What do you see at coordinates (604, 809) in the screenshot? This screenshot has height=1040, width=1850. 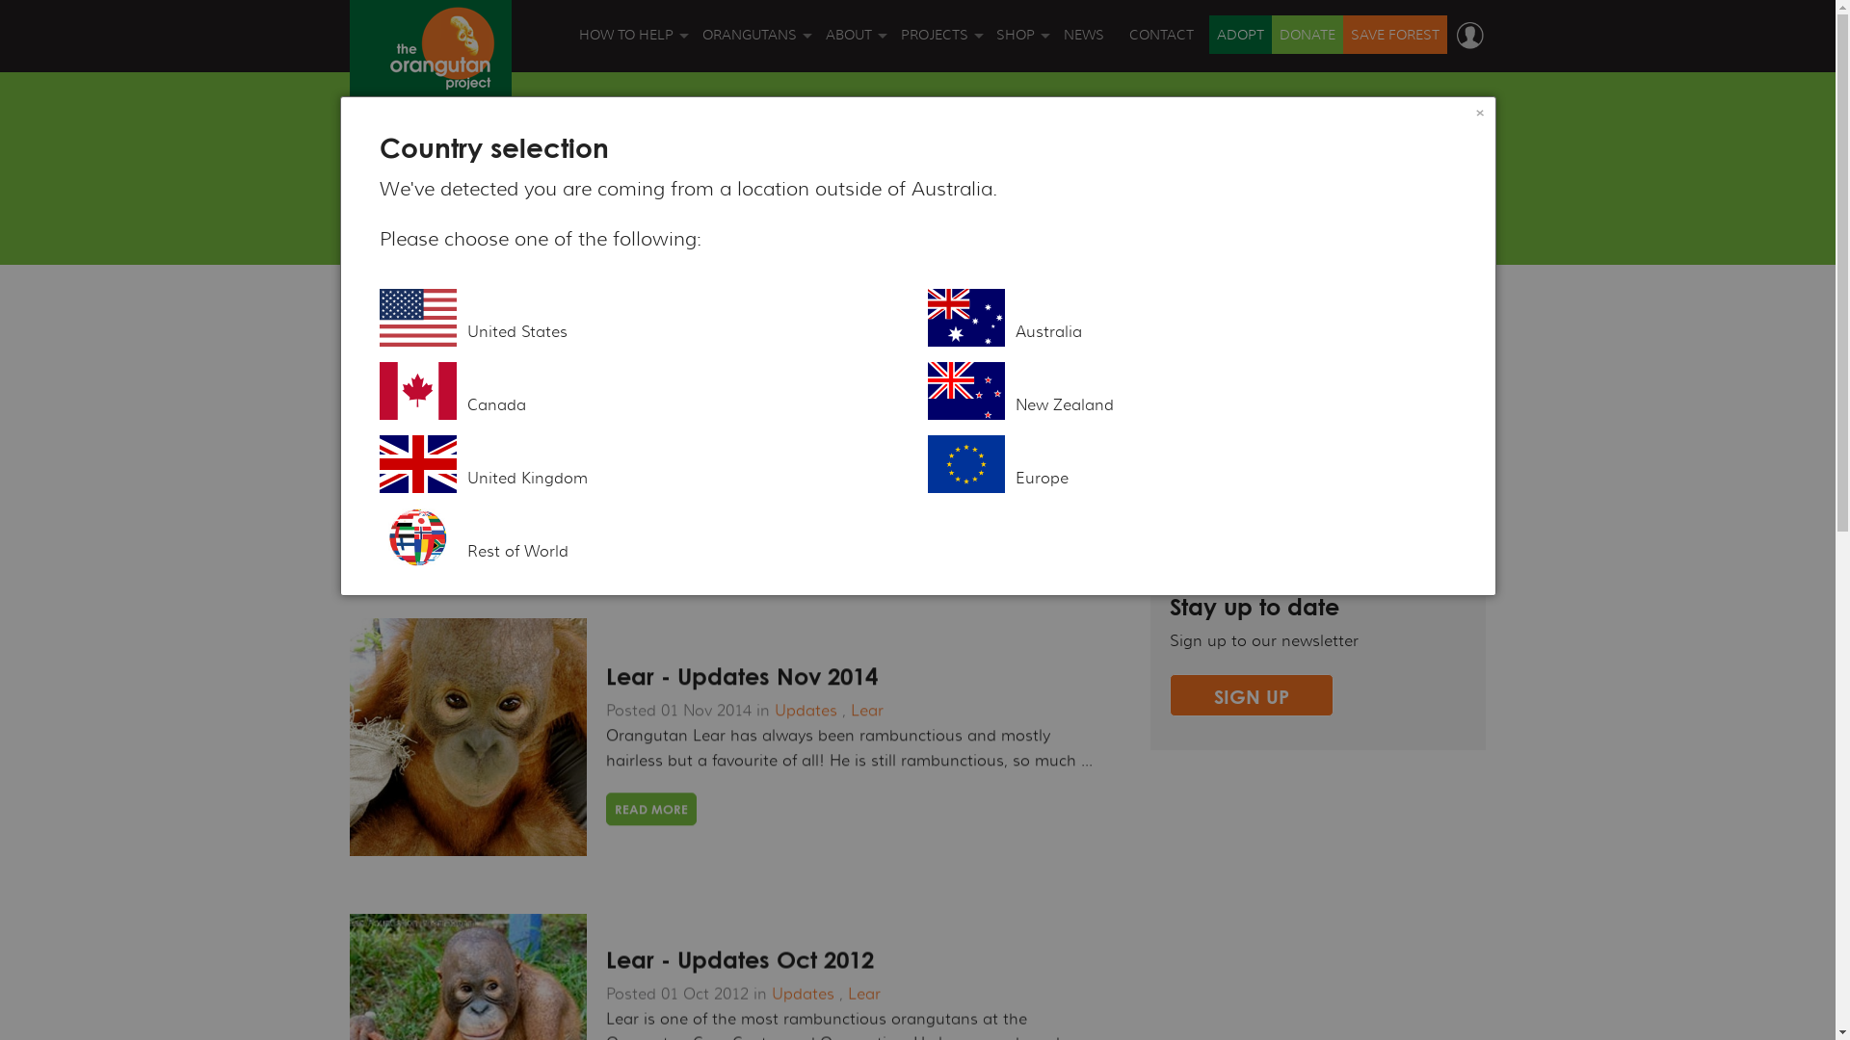 I see `'READ MORE'` at bounding box center [604, 809].